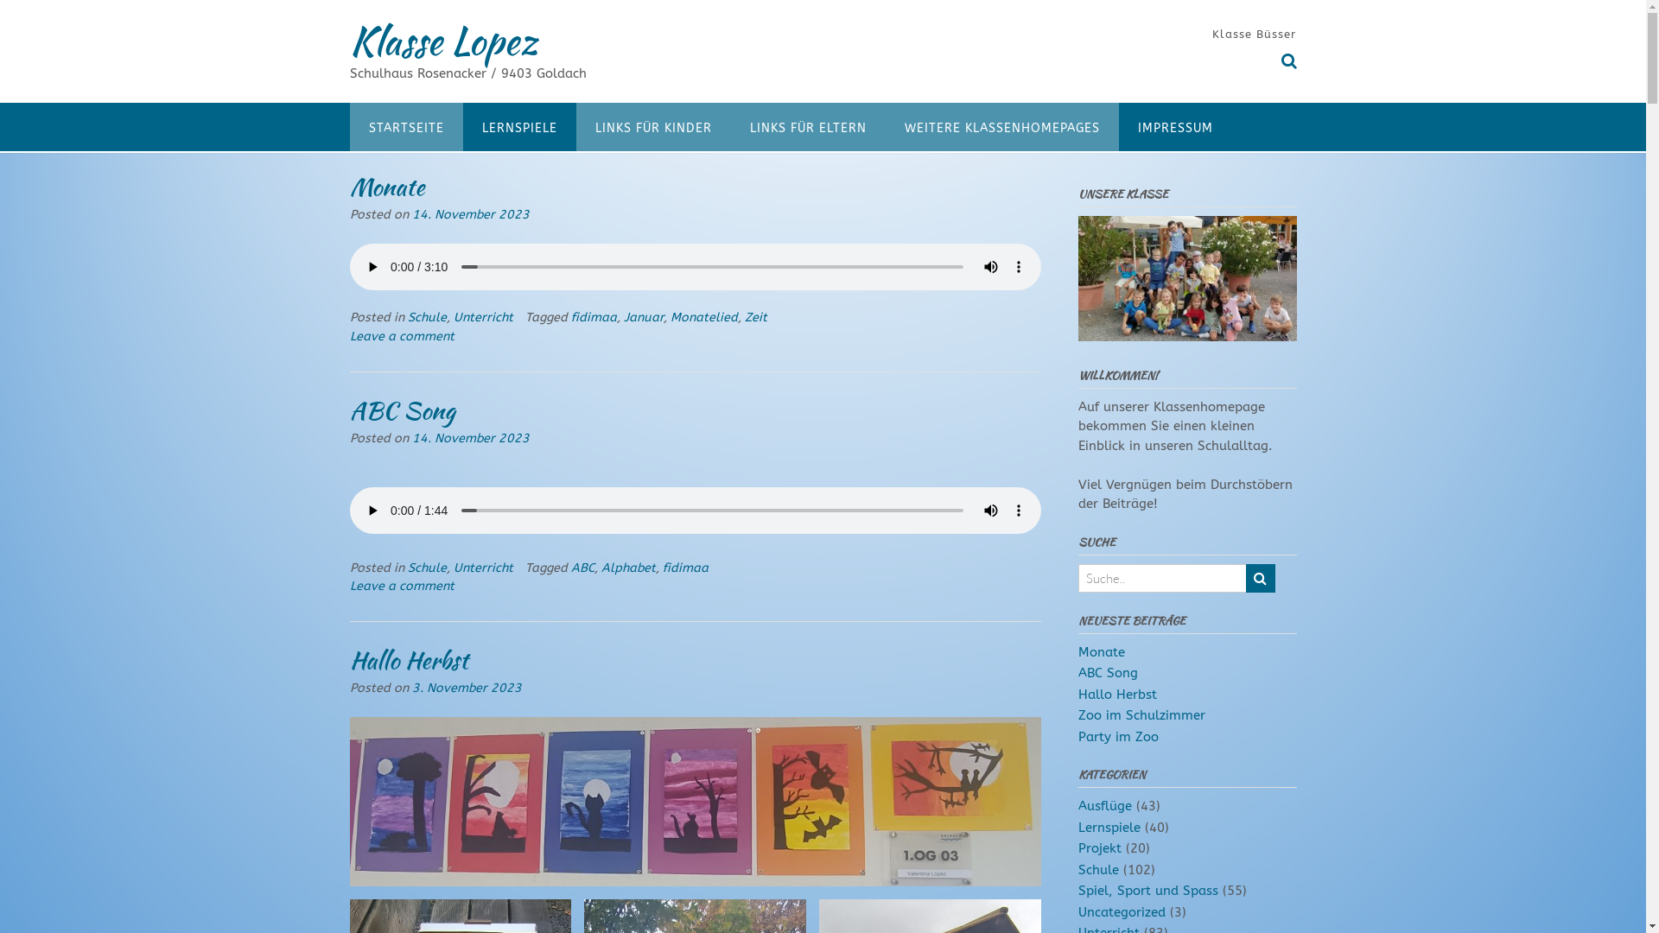 Image resolution: width=1659 pixels, height=933 pixels. What do you see at coordinates (570, 567) in the screenshot?
I see `'ABC'` at bounding box center [570, 567].